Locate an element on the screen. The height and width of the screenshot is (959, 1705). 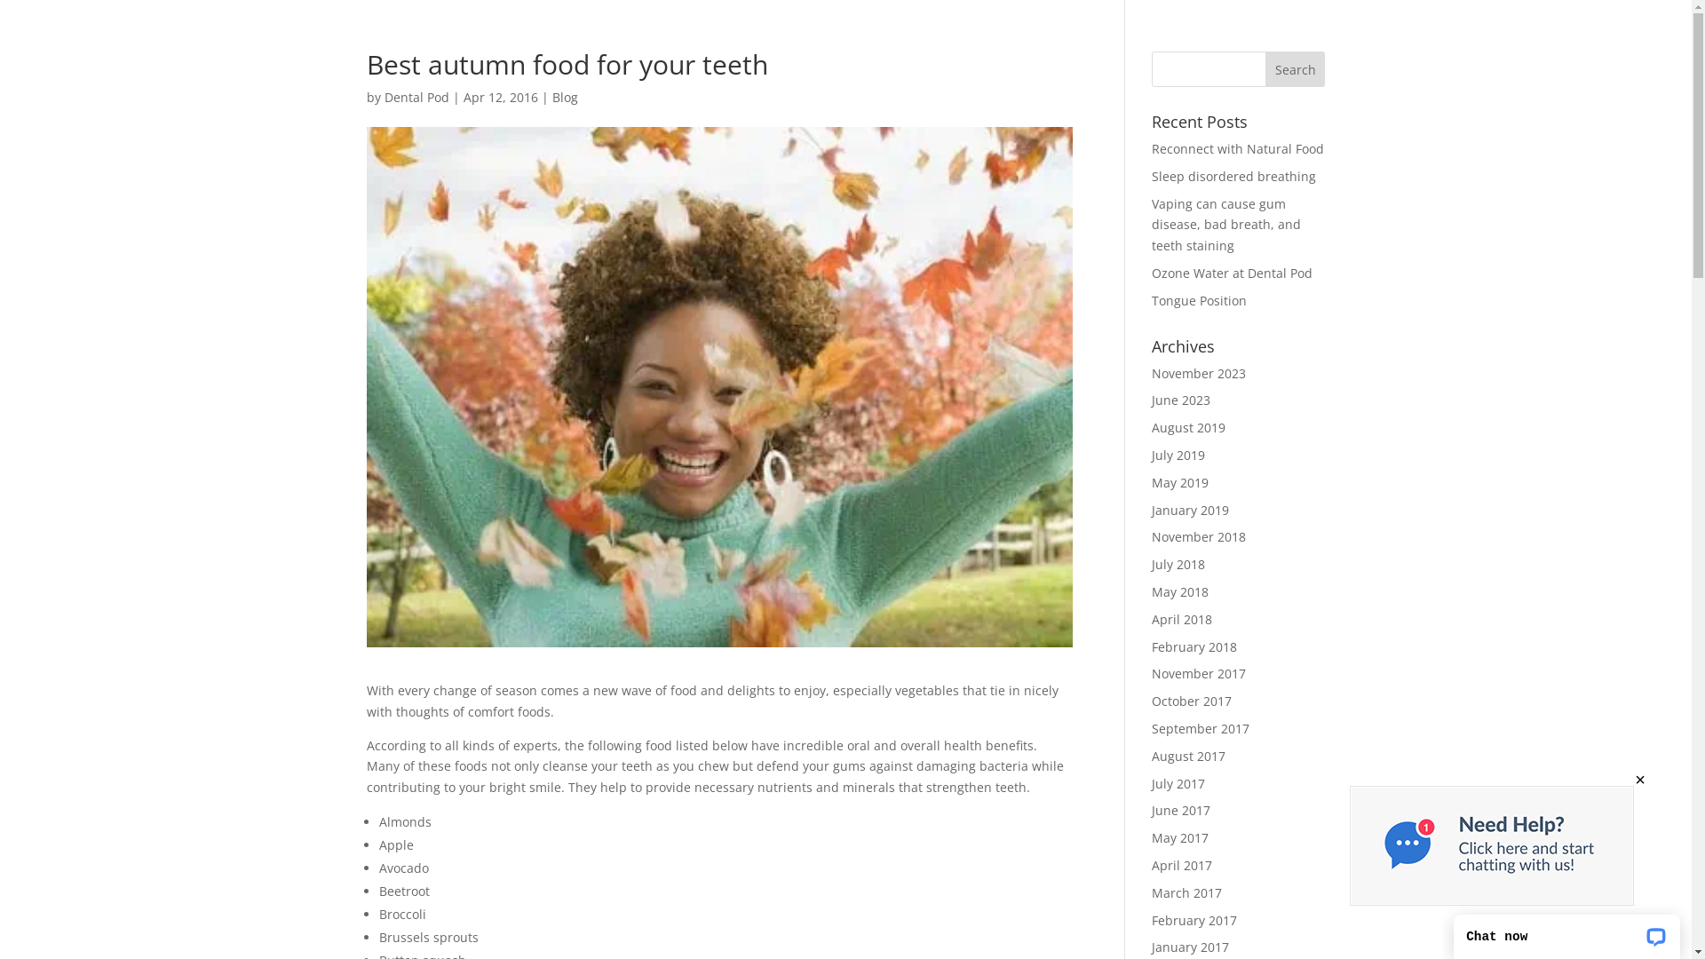
'Vaping can cause gum disease, bad breath, and teeth staining' is located at coordinates (1225, 224).